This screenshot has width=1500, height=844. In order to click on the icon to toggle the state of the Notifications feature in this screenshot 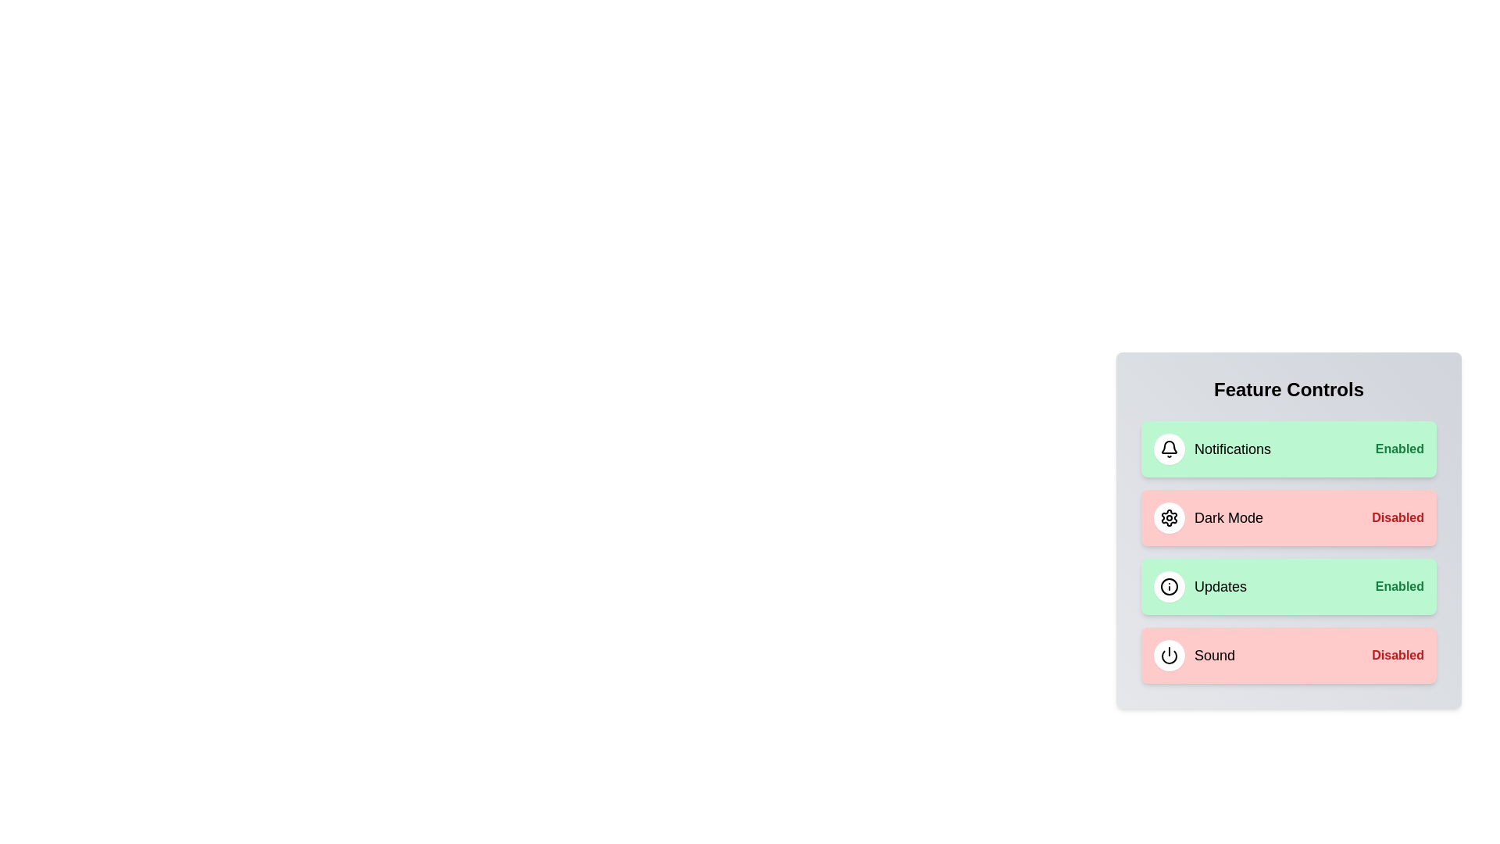, I will do `click(1170, 449)`.